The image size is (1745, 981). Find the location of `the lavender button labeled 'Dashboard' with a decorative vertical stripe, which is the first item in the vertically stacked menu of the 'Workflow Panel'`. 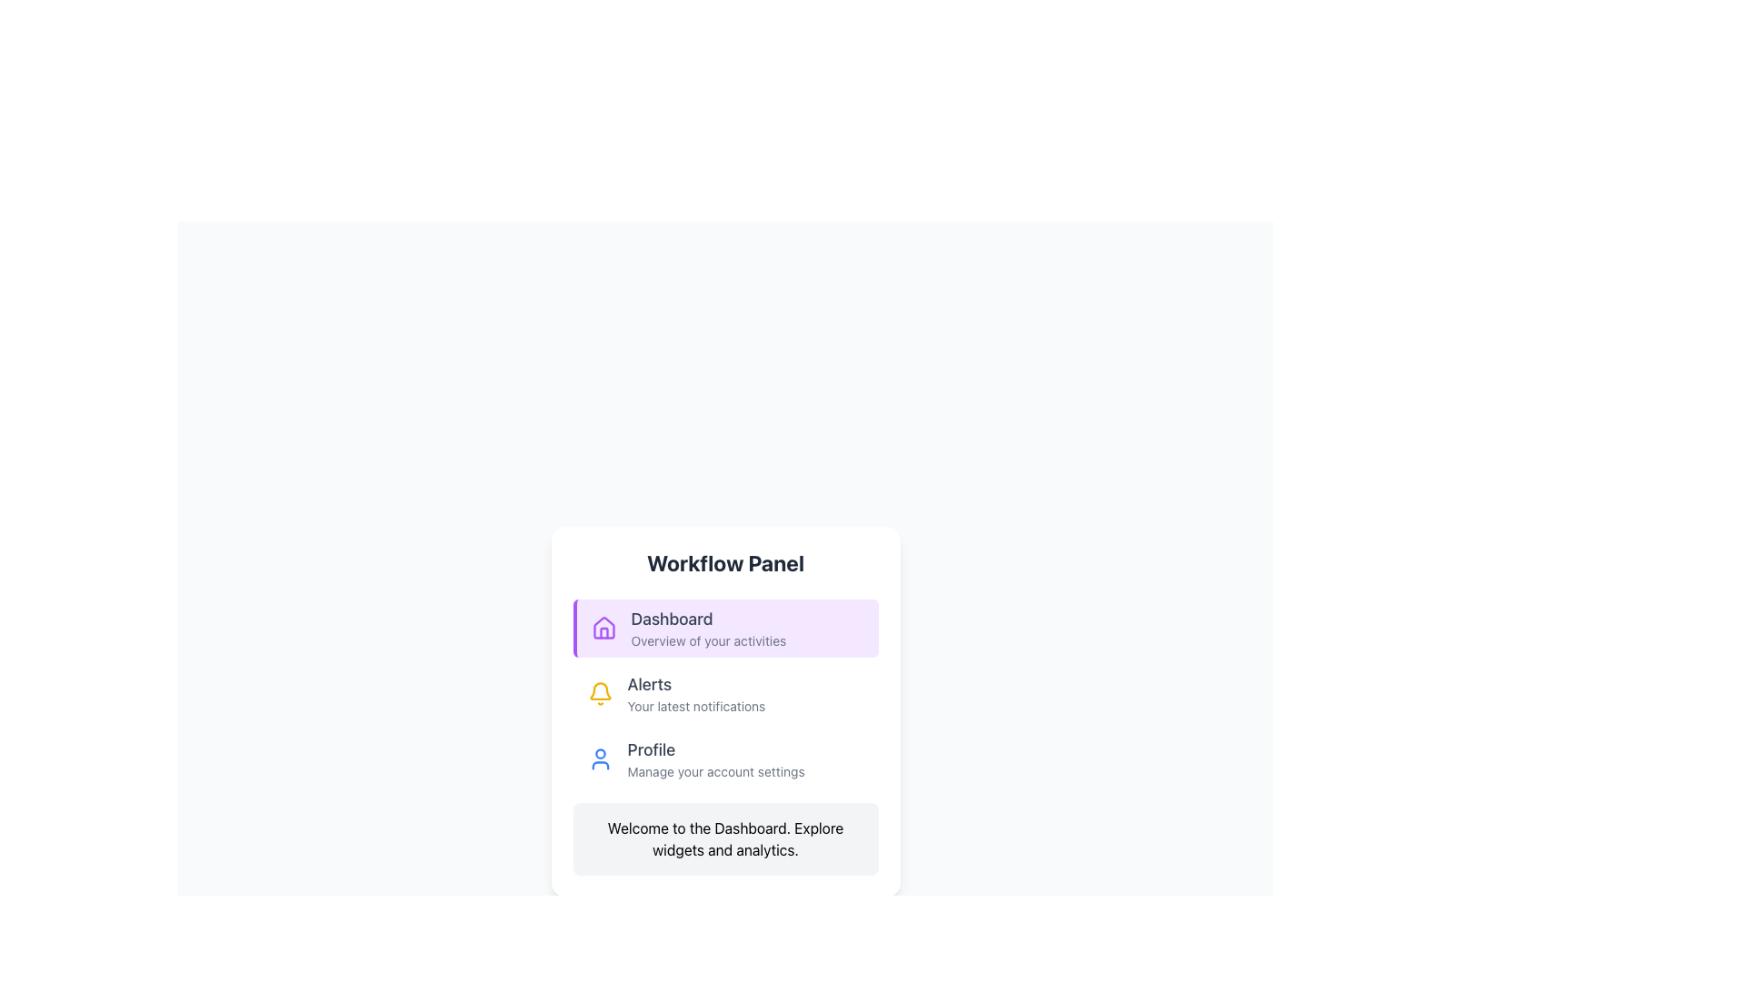

the lavender button labeled 'Dashboard' with a decorative vertical stripe, which is the first item in the vertically stacked menu of the 'Workflow Panel' is located at coordinates (724, 627).